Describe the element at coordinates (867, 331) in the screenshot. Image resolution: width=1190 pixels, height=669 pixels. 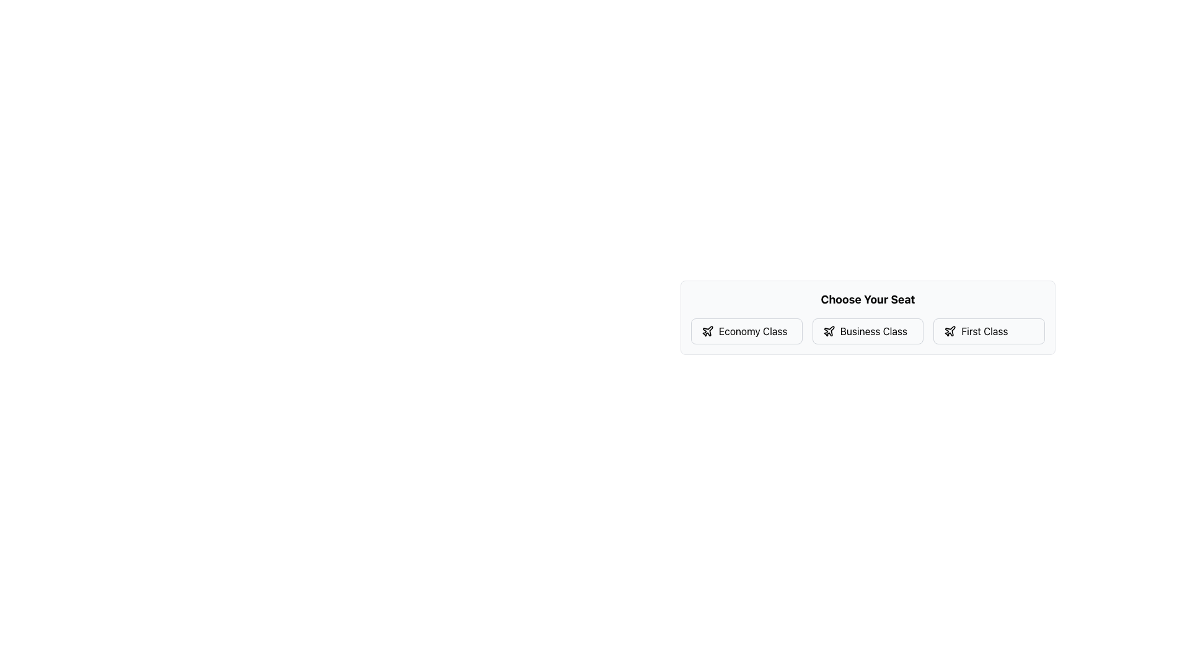
I see `the 'Economy Class', 'Business Class', or 'First Class' options in the Selection Group for more details` at that location.